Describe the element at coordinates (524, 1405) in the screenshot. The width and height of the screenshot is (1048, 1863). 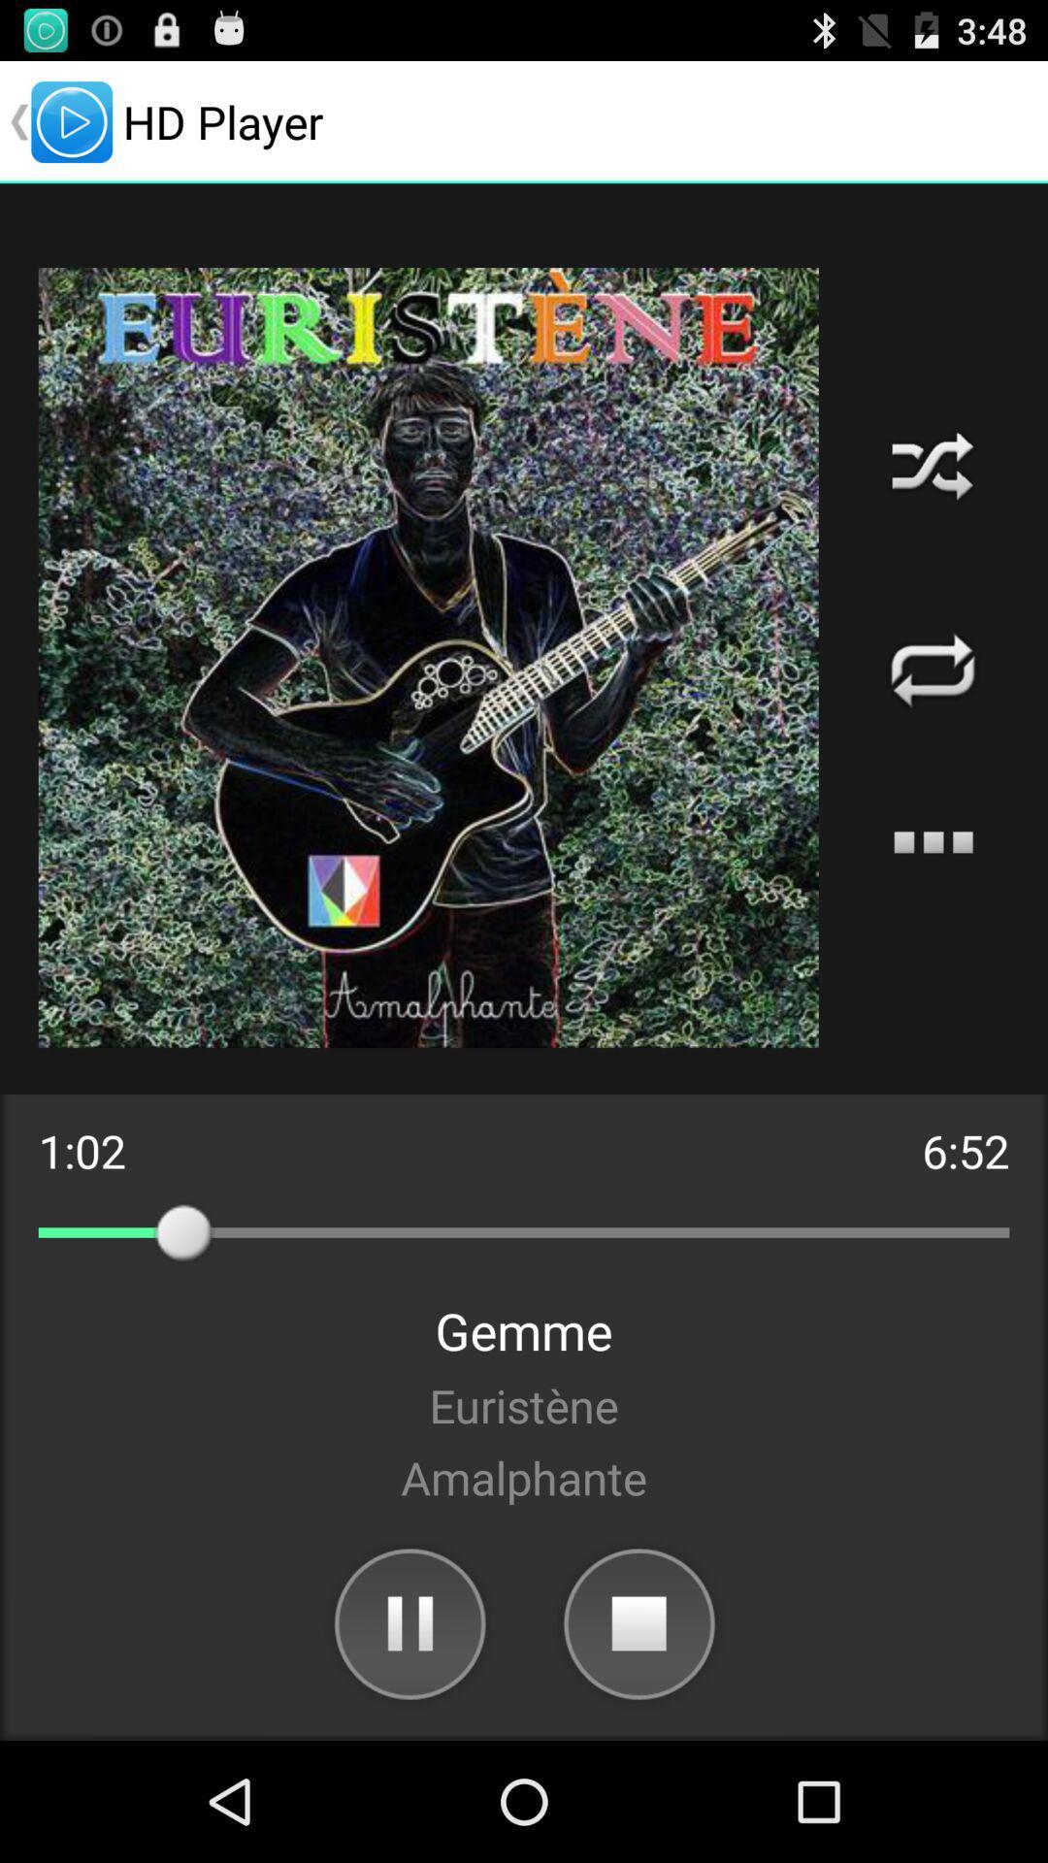
I see `the item below the gemme app` at that location.